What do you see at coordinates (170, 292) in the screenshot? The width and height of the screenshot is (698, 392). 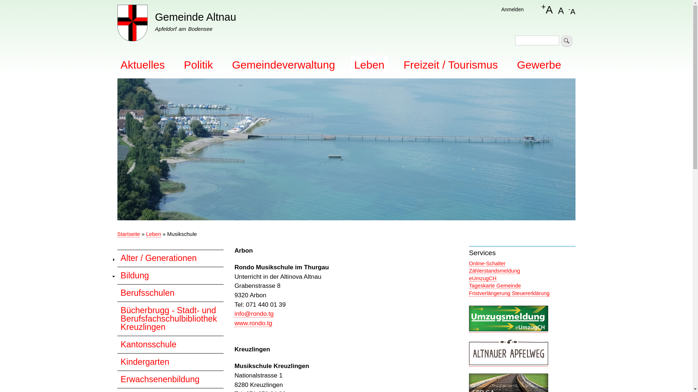 I see `'Berufsschulen'` at bounding box center [170, 292].